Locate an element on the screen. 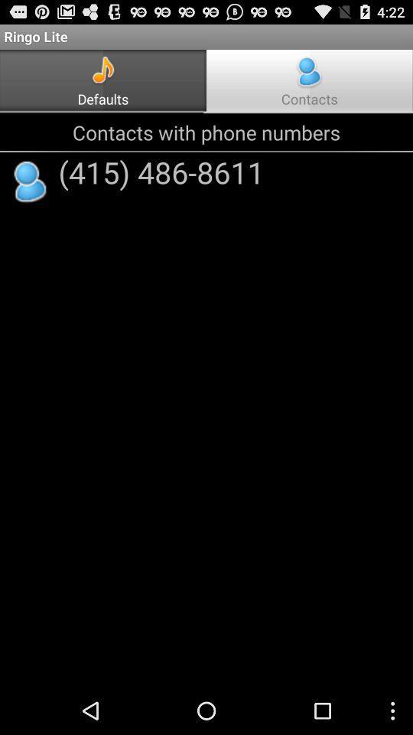  the app to the left of the (415) 486-8611 app is located at coordinates (31, 182).